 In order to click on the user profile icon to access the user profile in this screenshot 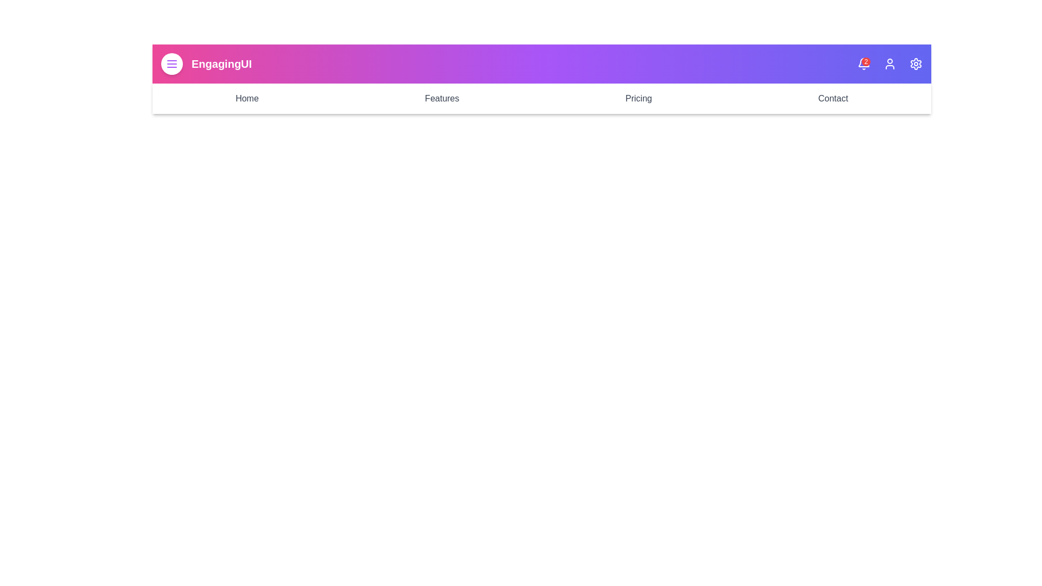, I will do `click(890, 64)`.